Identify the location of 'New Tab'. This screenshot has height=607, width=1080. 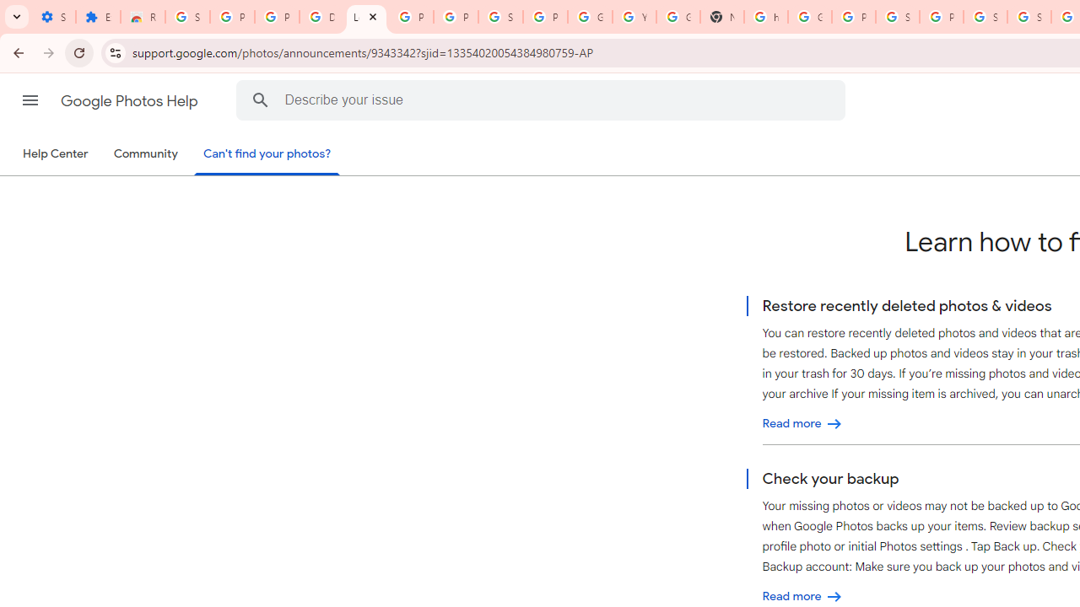
(721, 17).